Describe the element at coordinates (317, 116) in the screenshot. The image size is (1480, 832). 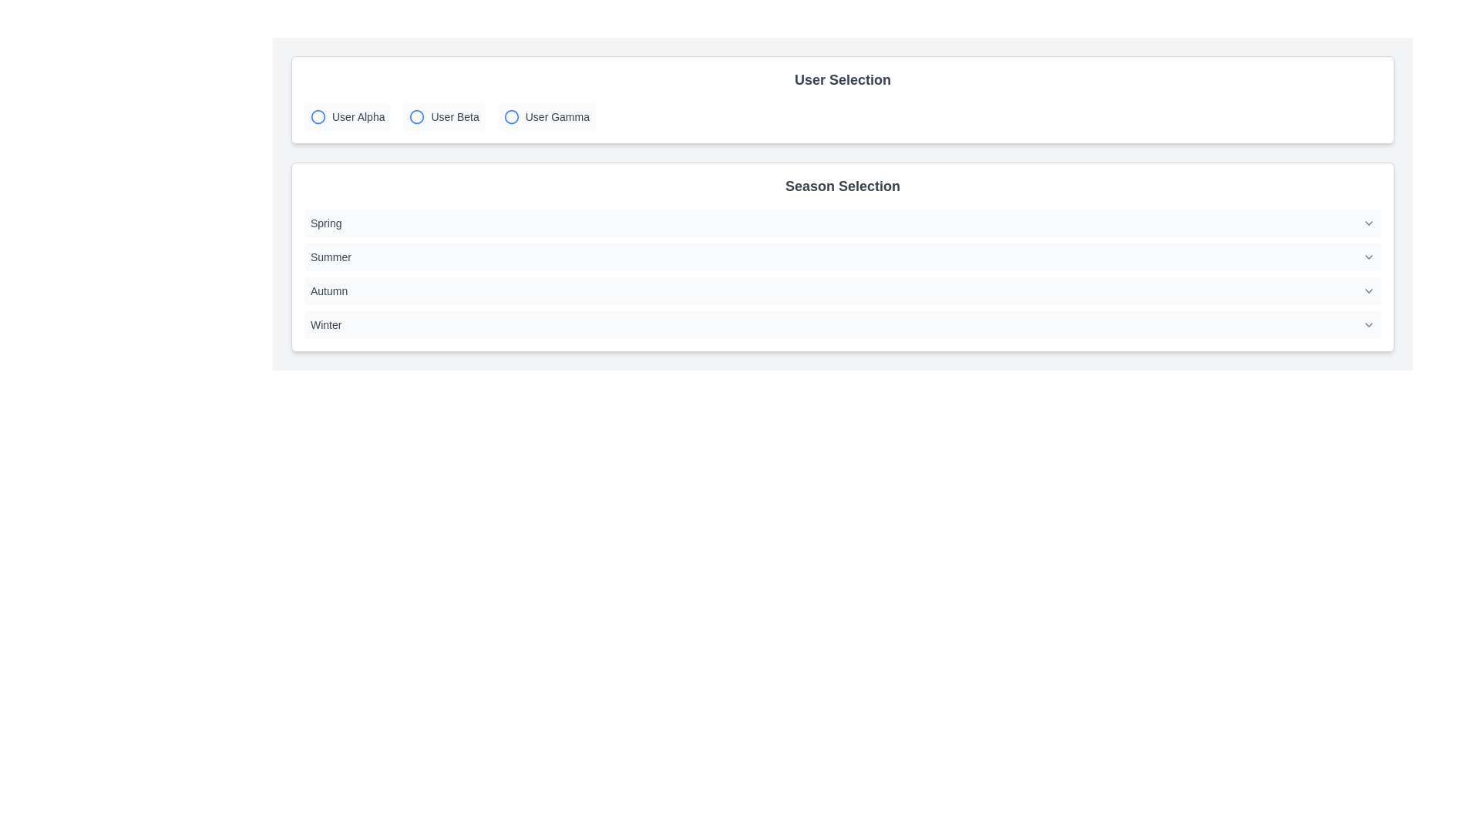
I see `the graphical circle element with a blue outline associated with the 'User Alpha' option in the User Selection interface` at that location.